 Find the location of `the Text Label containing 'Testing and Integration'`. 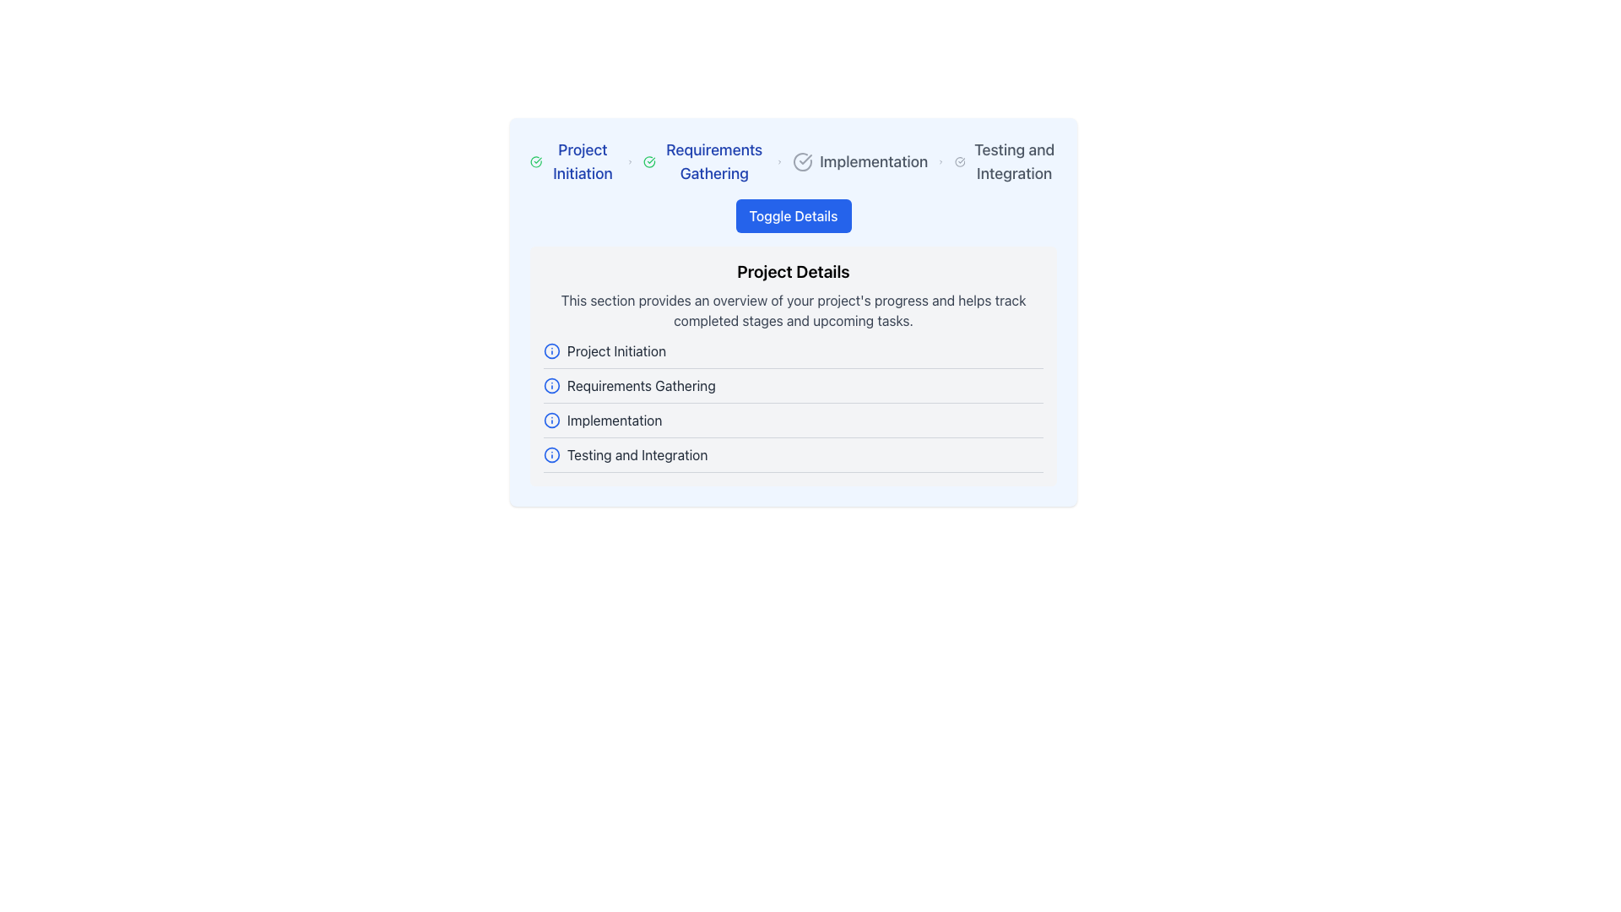

the Text Label containing 'Testing and Integration' is located at coordinates (637, 454).